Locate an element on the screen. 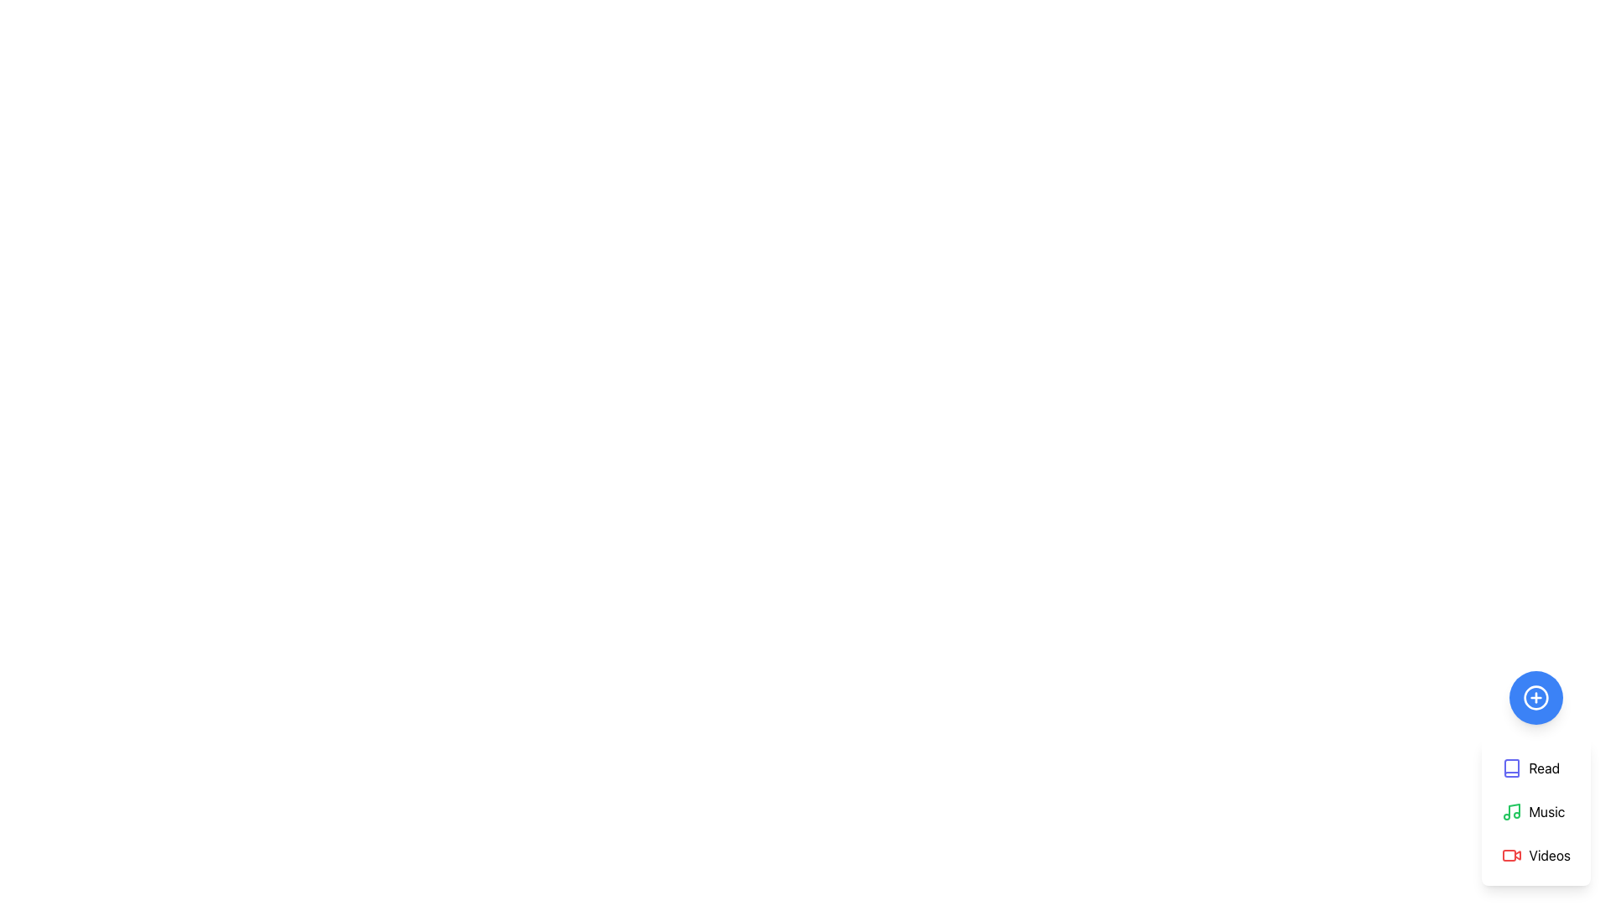  the blue circular button with a white outline and a plus icon in the center, located at the bottom-right corner of the interface is located at coordinates (1536, 698).